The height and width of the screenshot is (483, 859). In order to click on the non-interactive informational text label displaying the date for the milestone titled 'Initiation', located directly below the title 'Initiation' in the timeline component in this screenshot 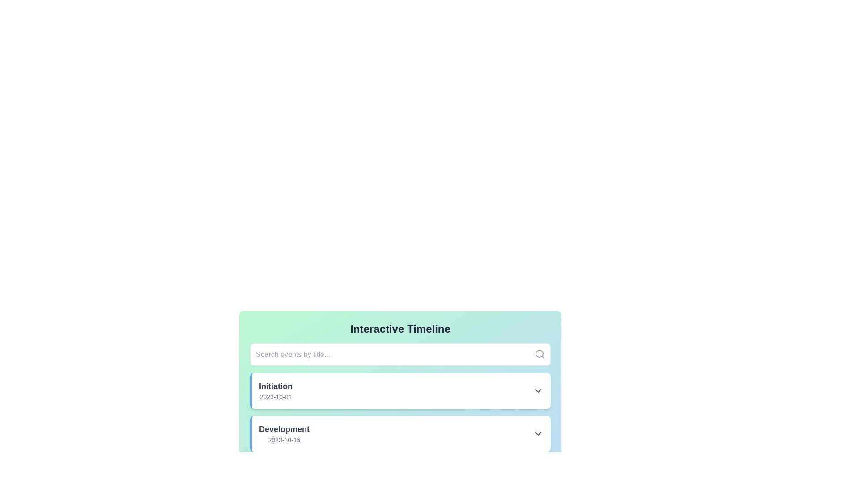, I will do `click(275, 396)`.